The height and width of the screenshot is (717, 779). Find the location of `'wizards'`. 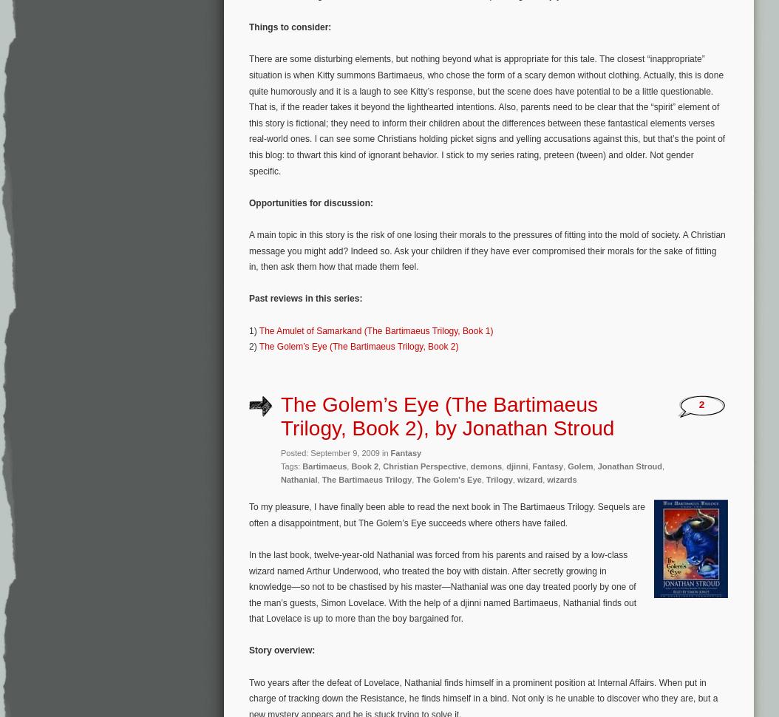

'wizards' is located at coordinates (562, 478).